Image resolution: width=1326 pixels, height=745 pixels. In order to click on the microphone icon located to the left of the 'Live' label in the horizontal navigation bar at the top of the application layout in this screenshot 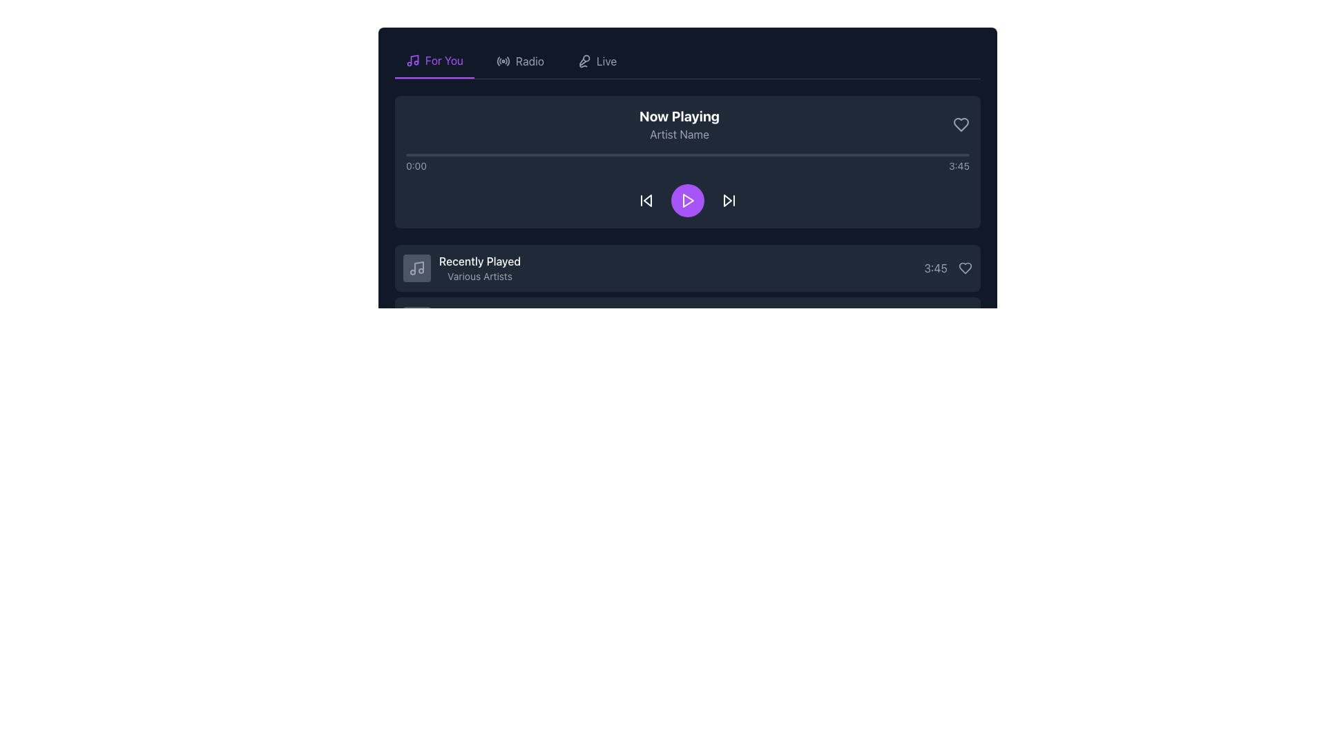, I will do `click(584, 60)`.